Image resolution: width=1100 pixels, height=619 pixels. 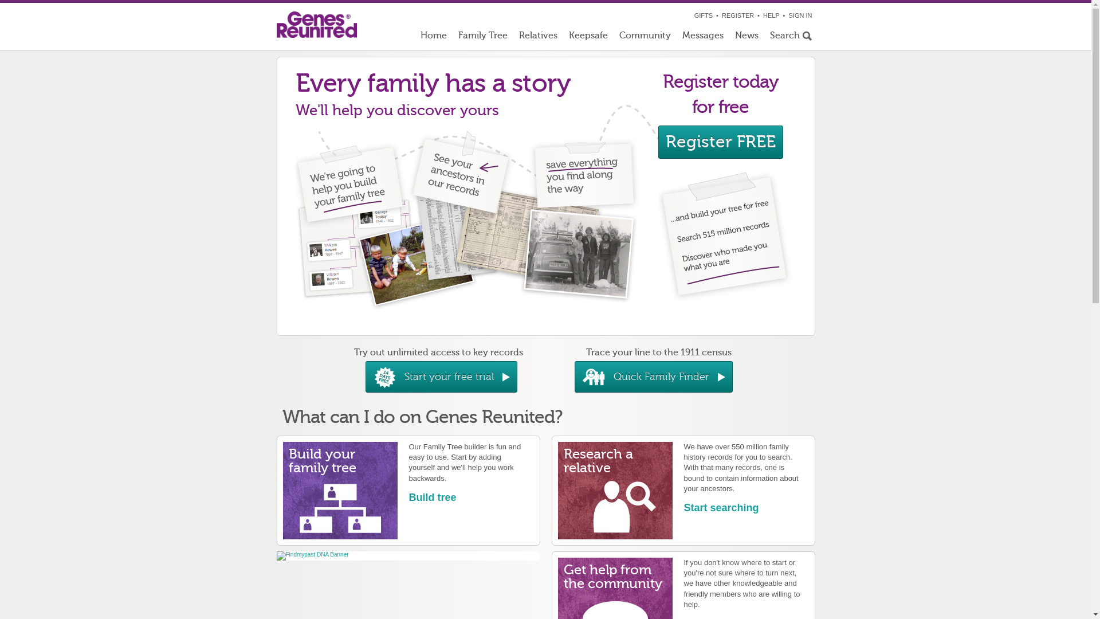 I want to click on 'Start your free trial', so click(x=441, y=377).